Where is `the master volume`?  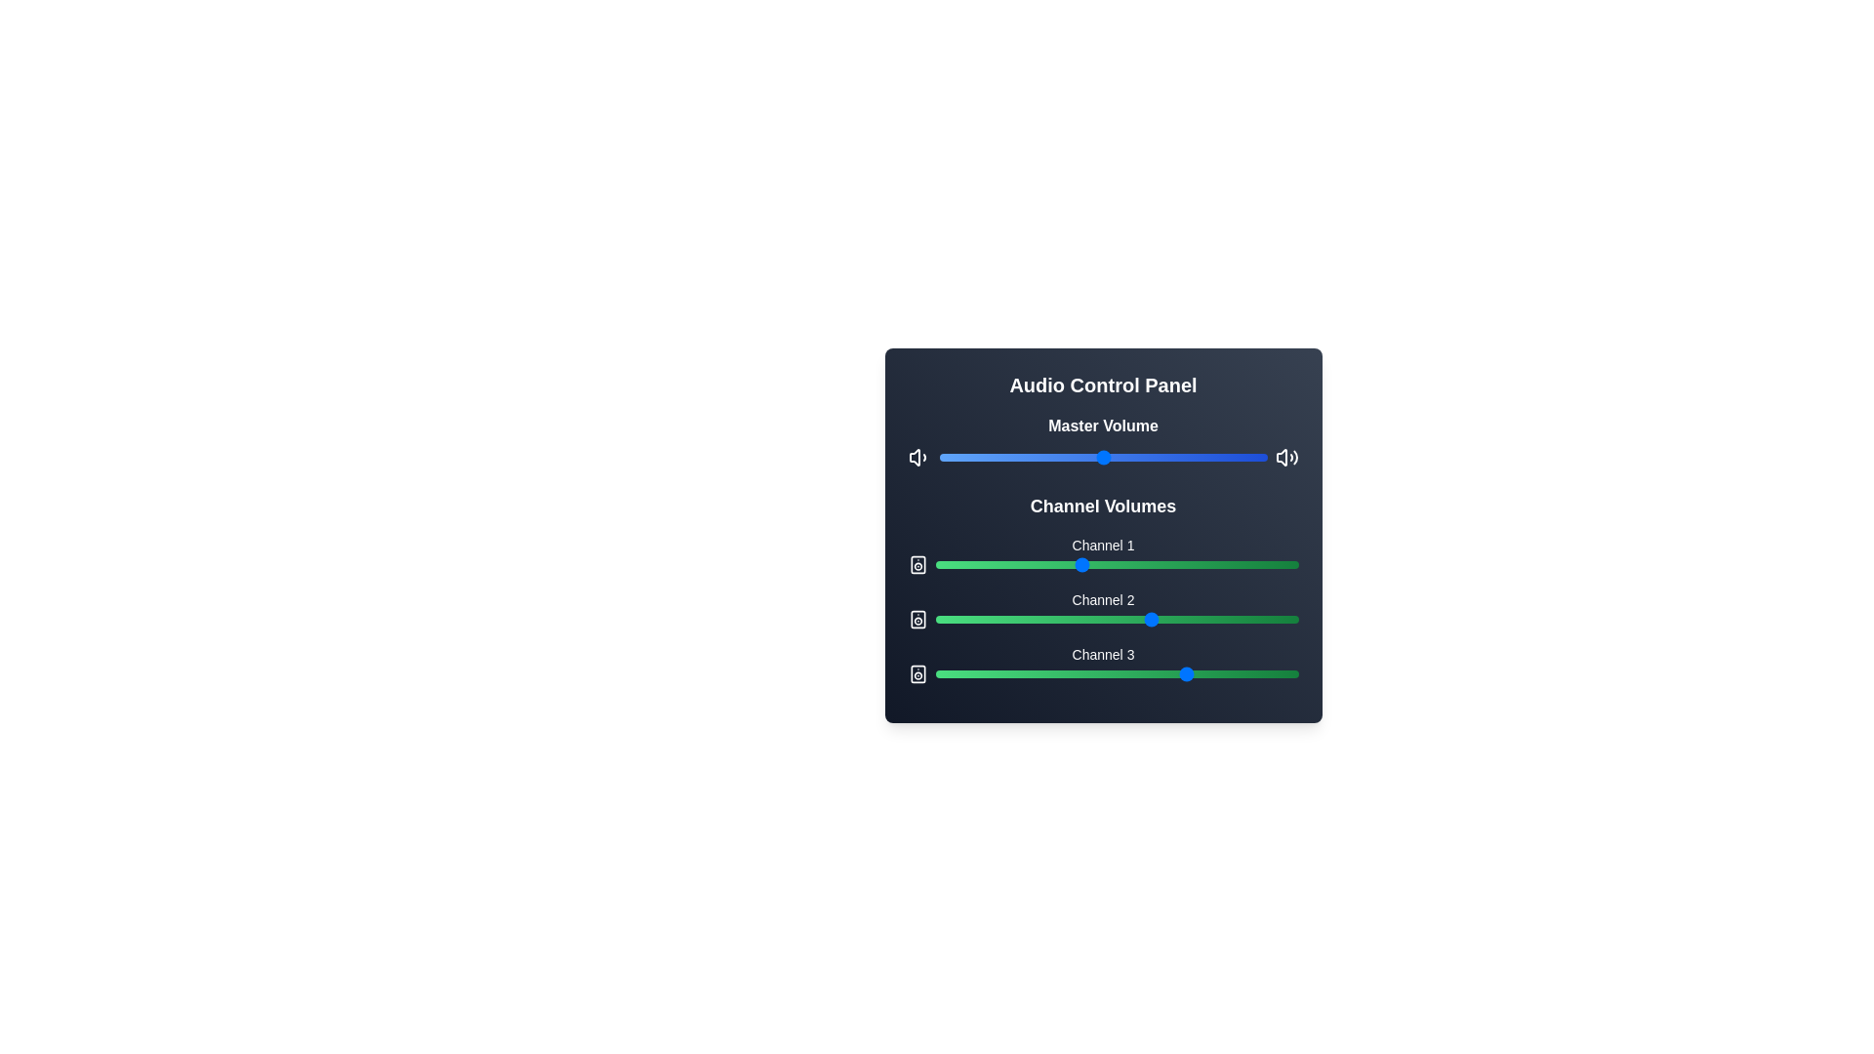
the master volume is located at coordinates (988, 458).